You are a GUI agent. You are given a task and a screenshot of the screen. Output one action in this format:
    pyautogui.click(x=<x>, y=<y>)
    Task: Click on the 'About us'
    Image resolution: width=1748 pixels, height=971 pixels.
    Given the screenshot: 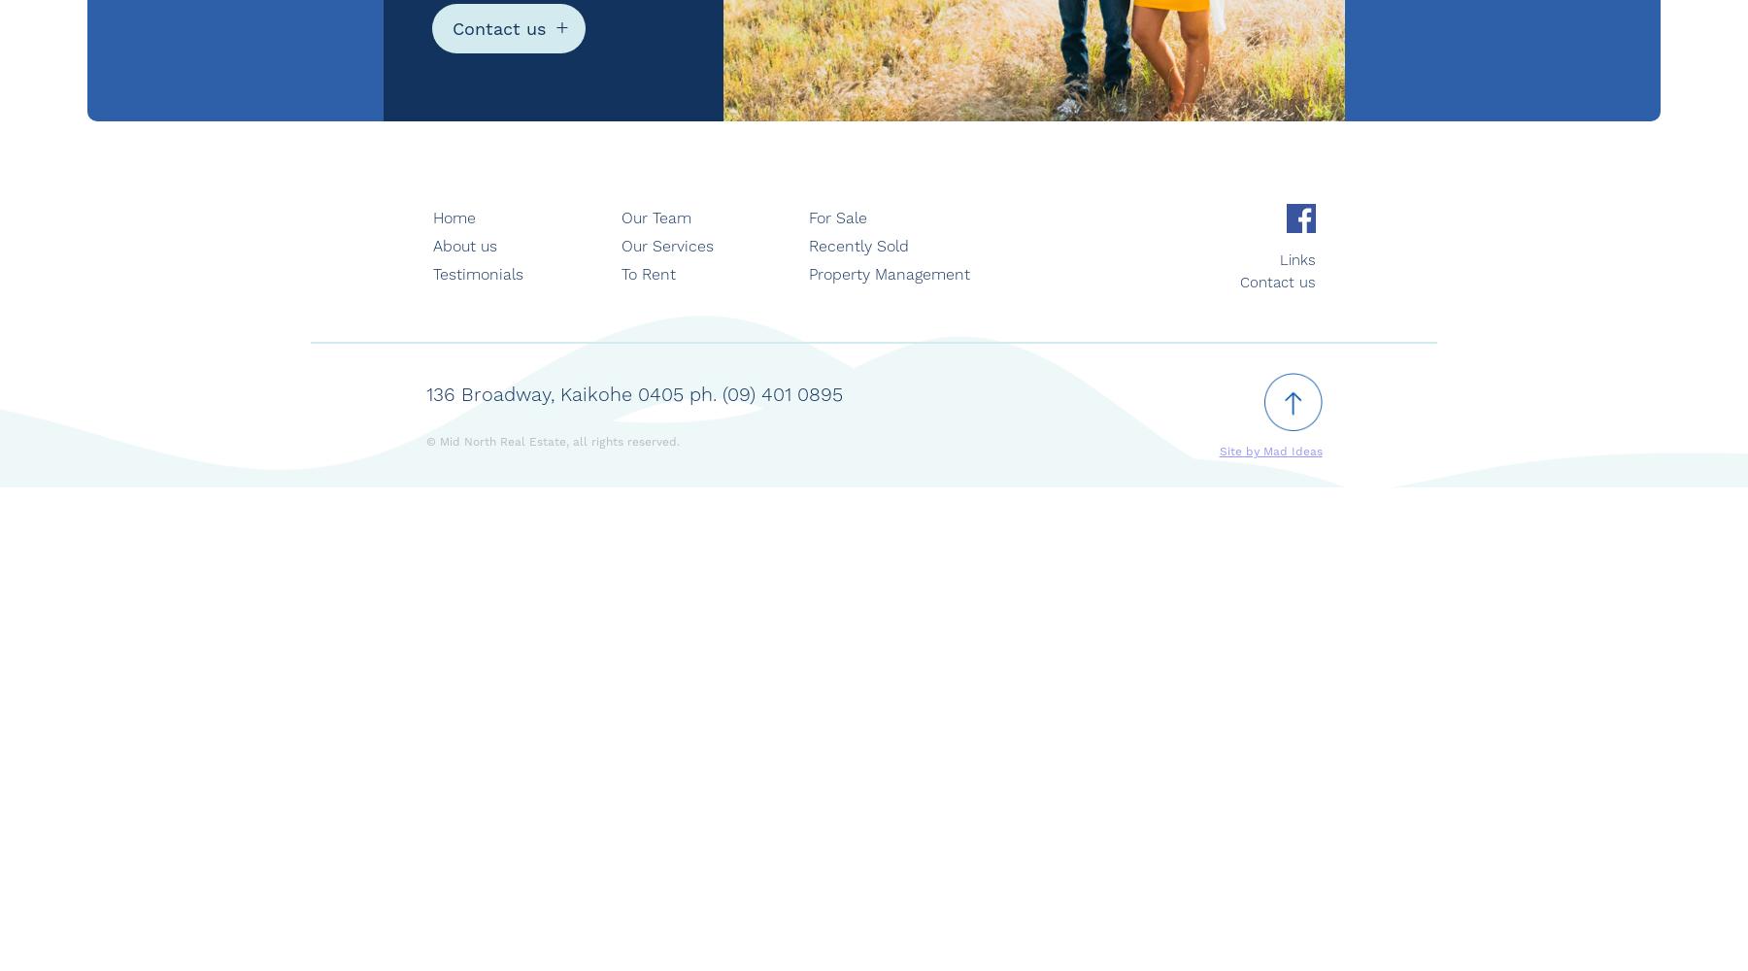 What is the action you would take?
    pyautogui.click(x=463, y=246)
    